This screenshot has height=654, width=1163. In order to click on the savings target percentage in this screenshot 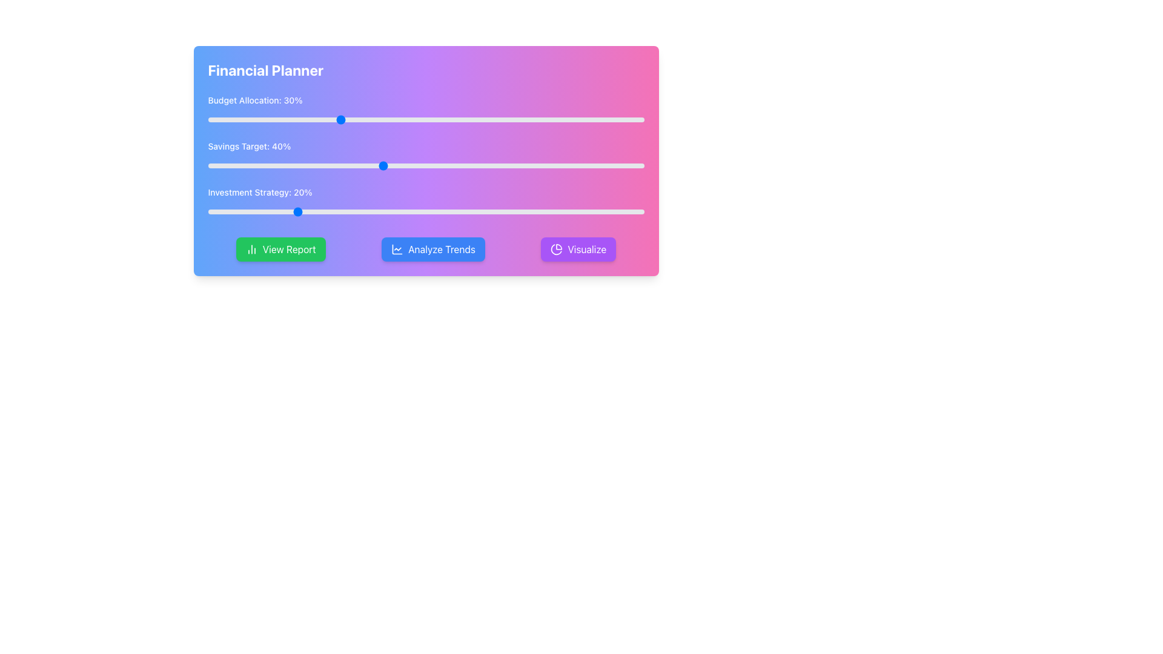, I will do `click(334, 165)`.